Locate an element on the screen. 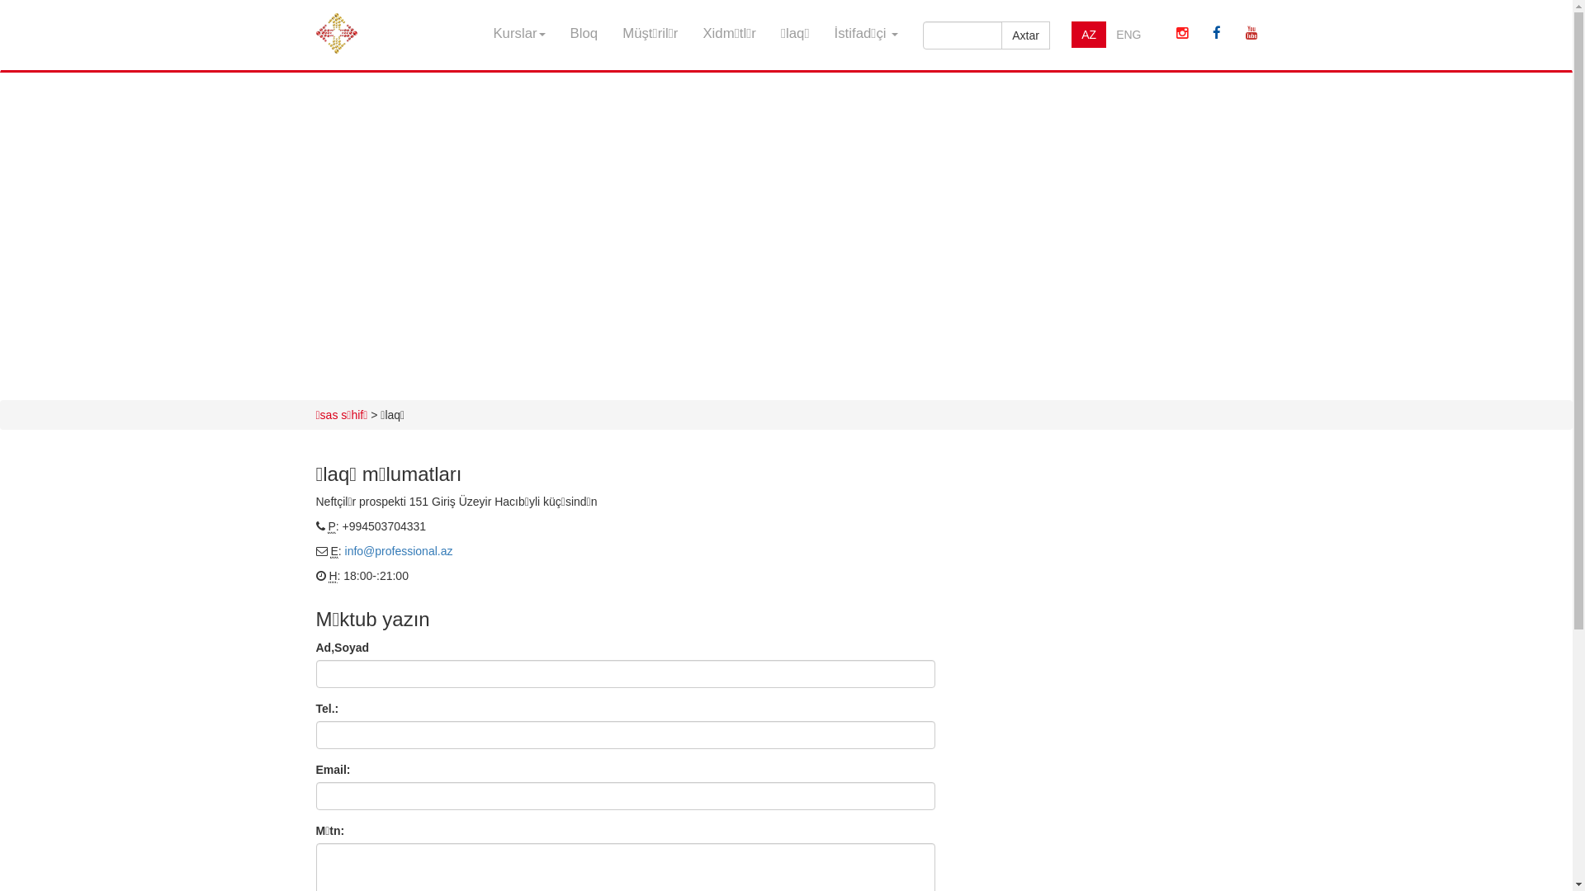  'AZ' is located at coordinates (1089, 35).